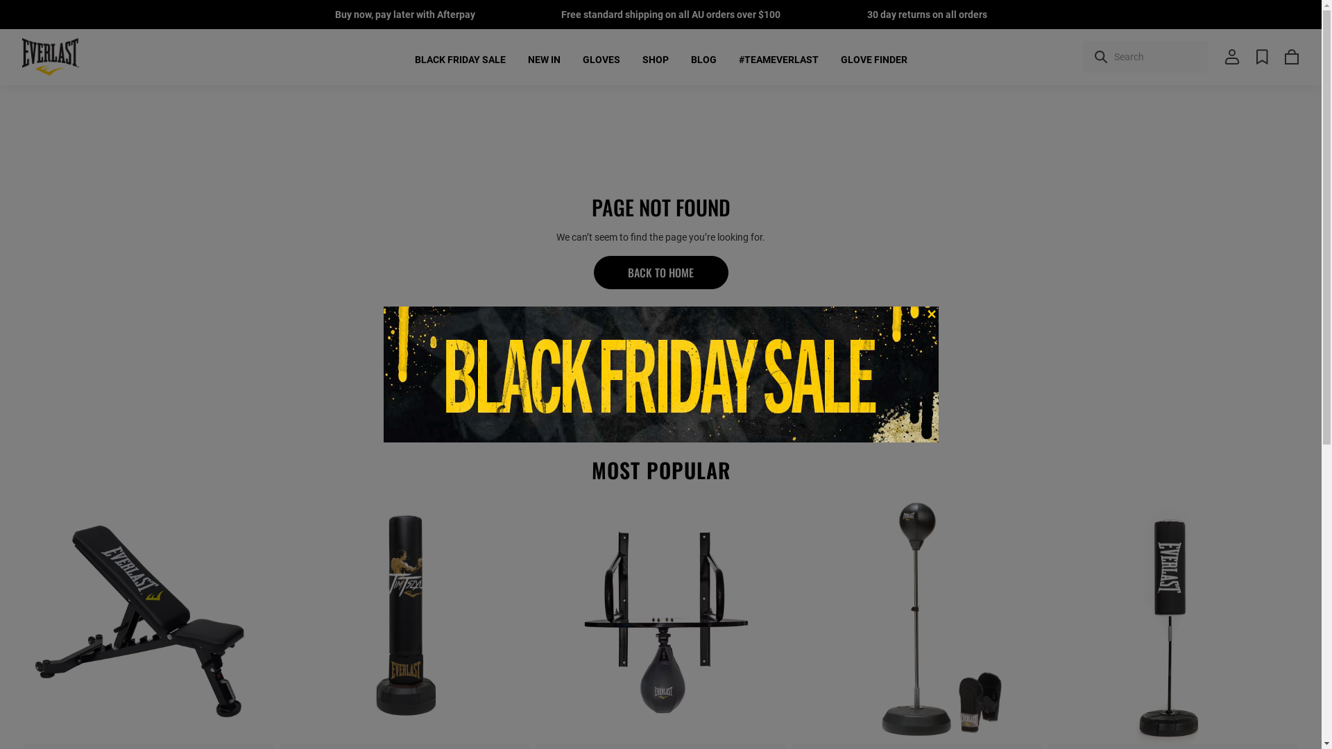 This screenshot has height=749, width=1332. Describe the element at coordinates (655, 58) in the screenshot. I see `'SHOP'` at that location.